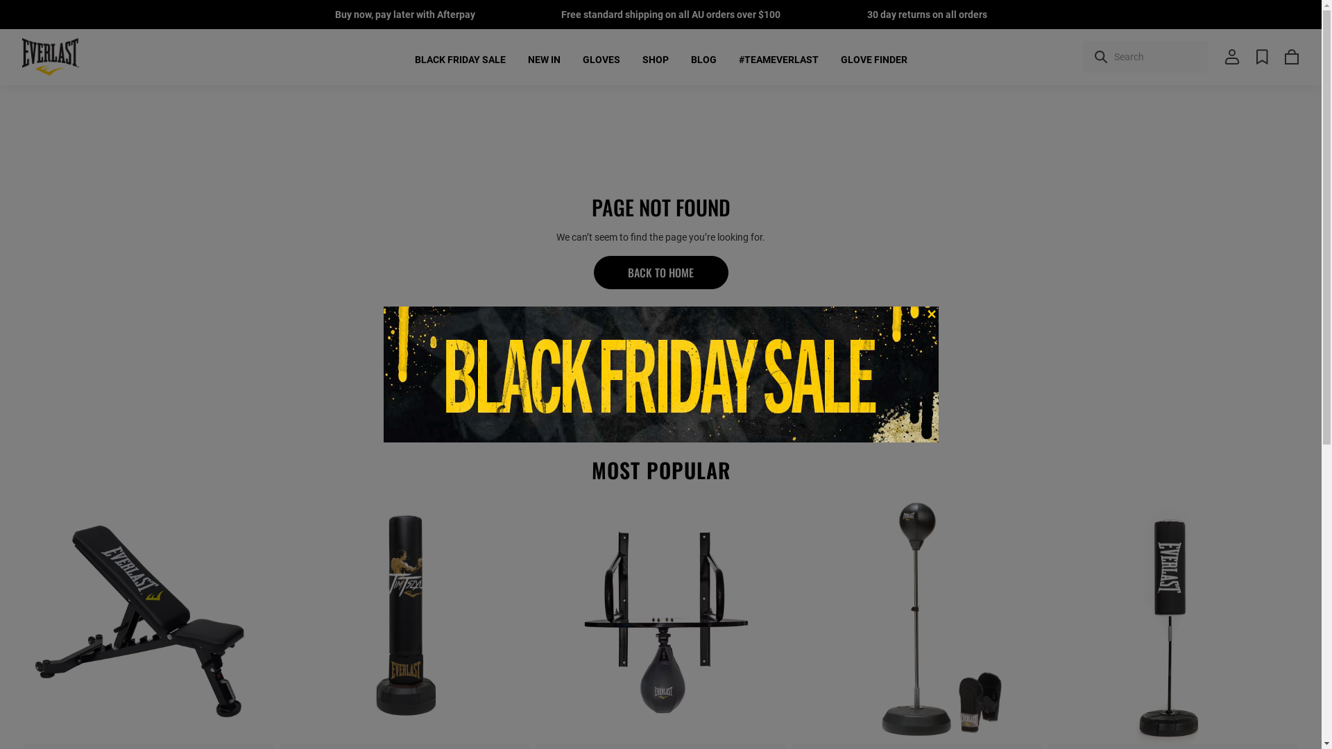 This screenshot has height=749, width=1332. Describe the element at coordinates (655, 58) in the screenshot. I see `'SHOP'` at that location.